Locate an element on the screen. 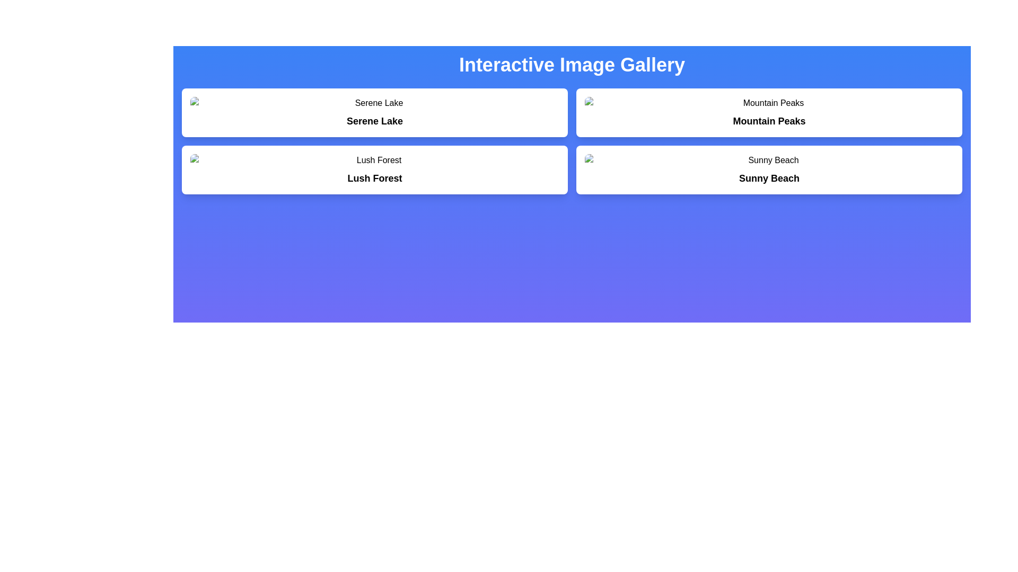  the white rectangular card labeled 'Sunny Beach' located at the bottom-right corner of the grid layout is located at coordinates (769, 169).